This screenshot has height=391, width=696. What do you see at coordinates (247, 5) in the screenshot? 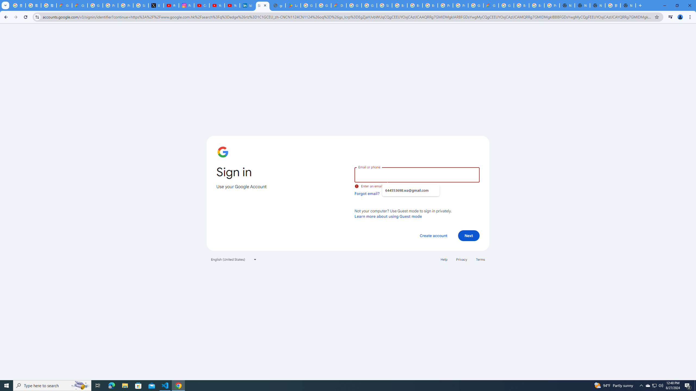
I see `'Identity verification via Persona | LinkedIn Help'` at bounding box center [247, 5].